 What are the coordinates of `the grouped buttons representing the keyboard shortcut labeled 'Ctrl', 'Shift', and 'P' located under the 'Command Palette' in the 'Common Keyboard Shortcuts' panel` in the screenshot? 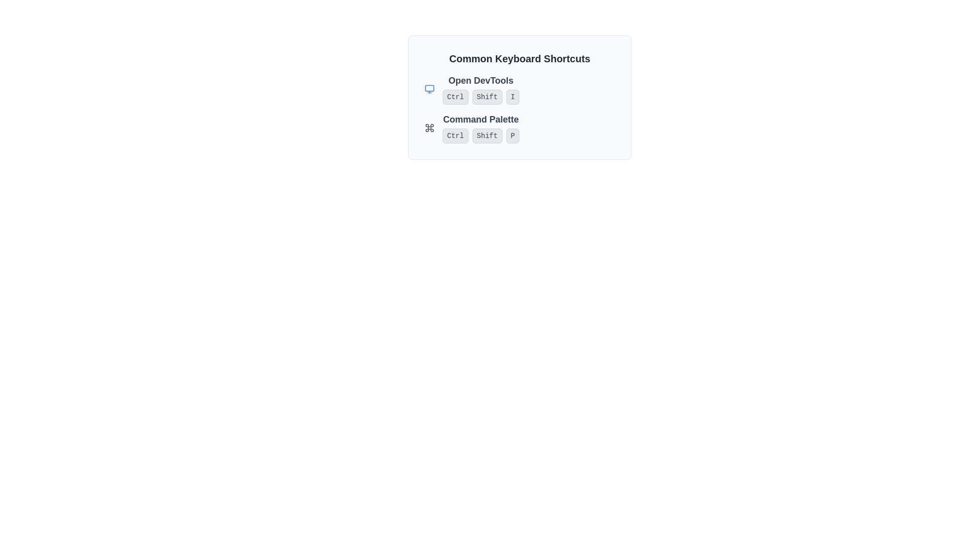 It's located at (480, 136).